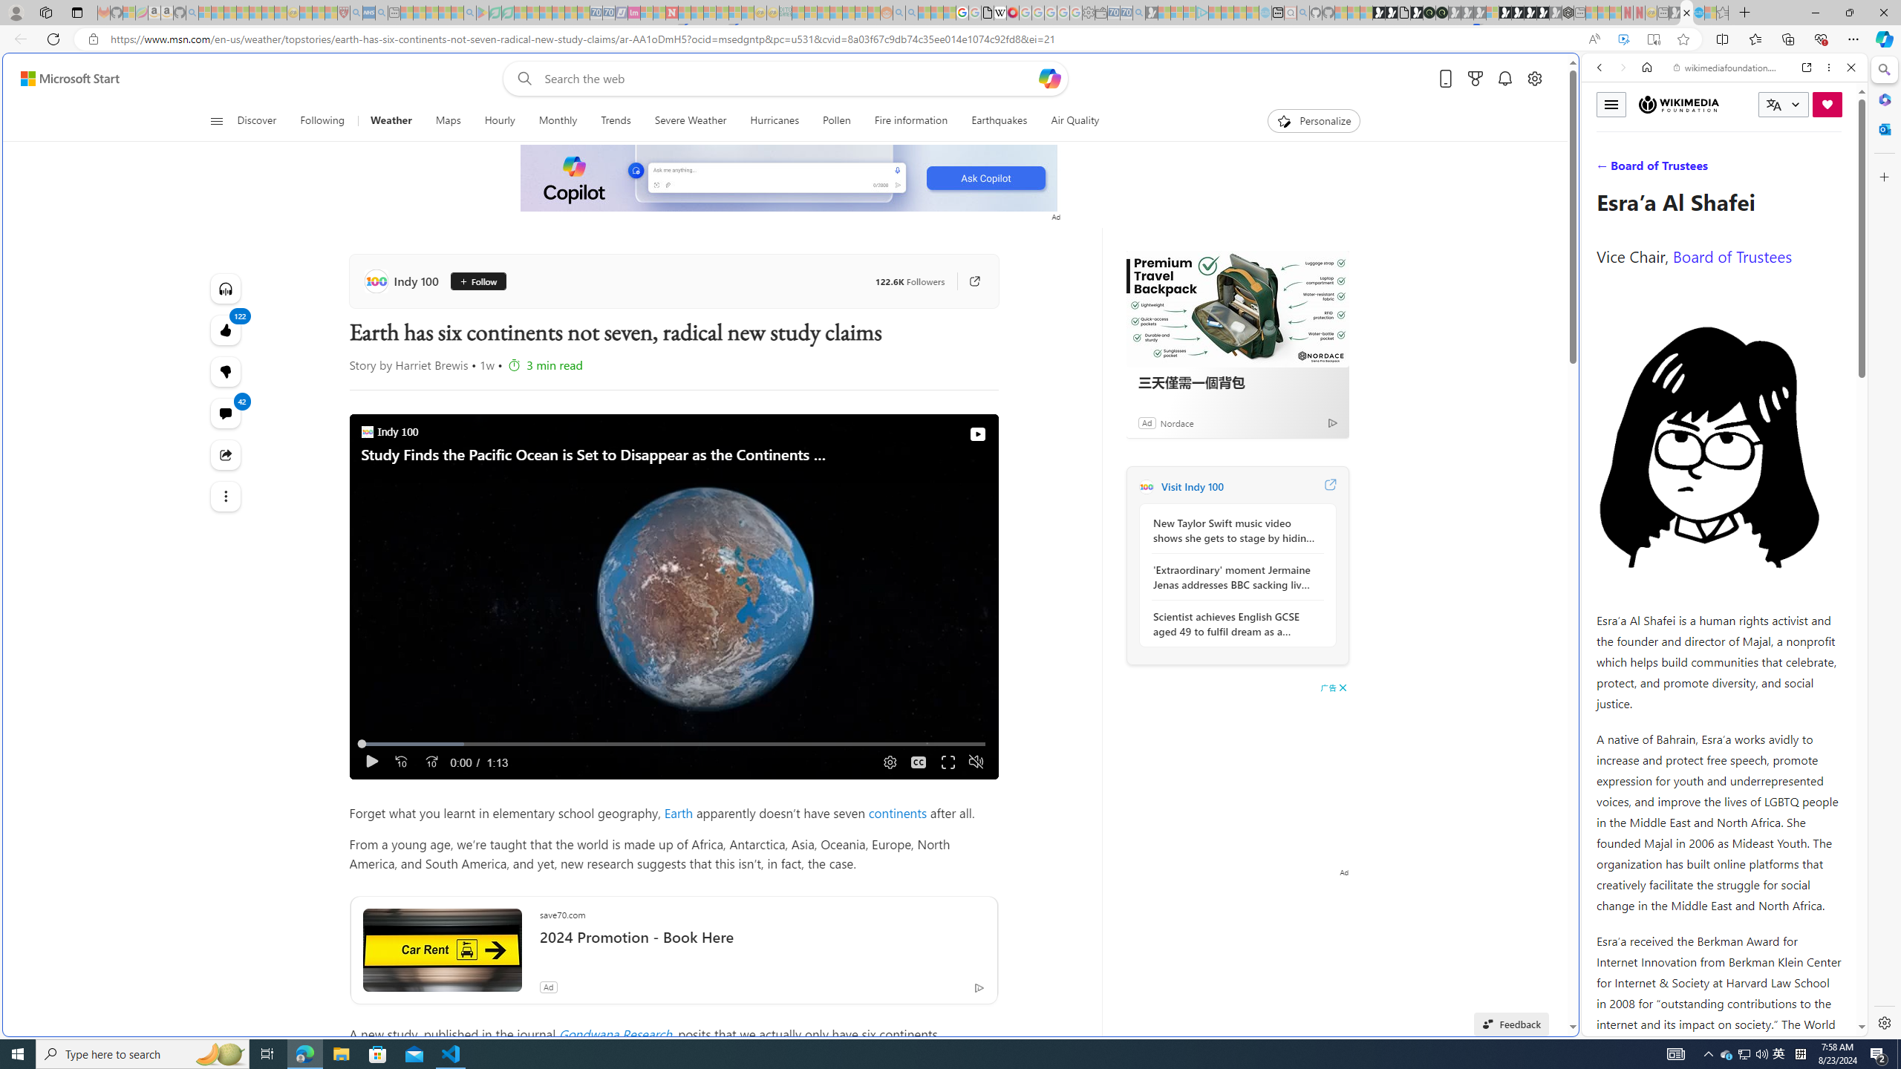  I want to click on 'Air Quality', so click(1075, 120).